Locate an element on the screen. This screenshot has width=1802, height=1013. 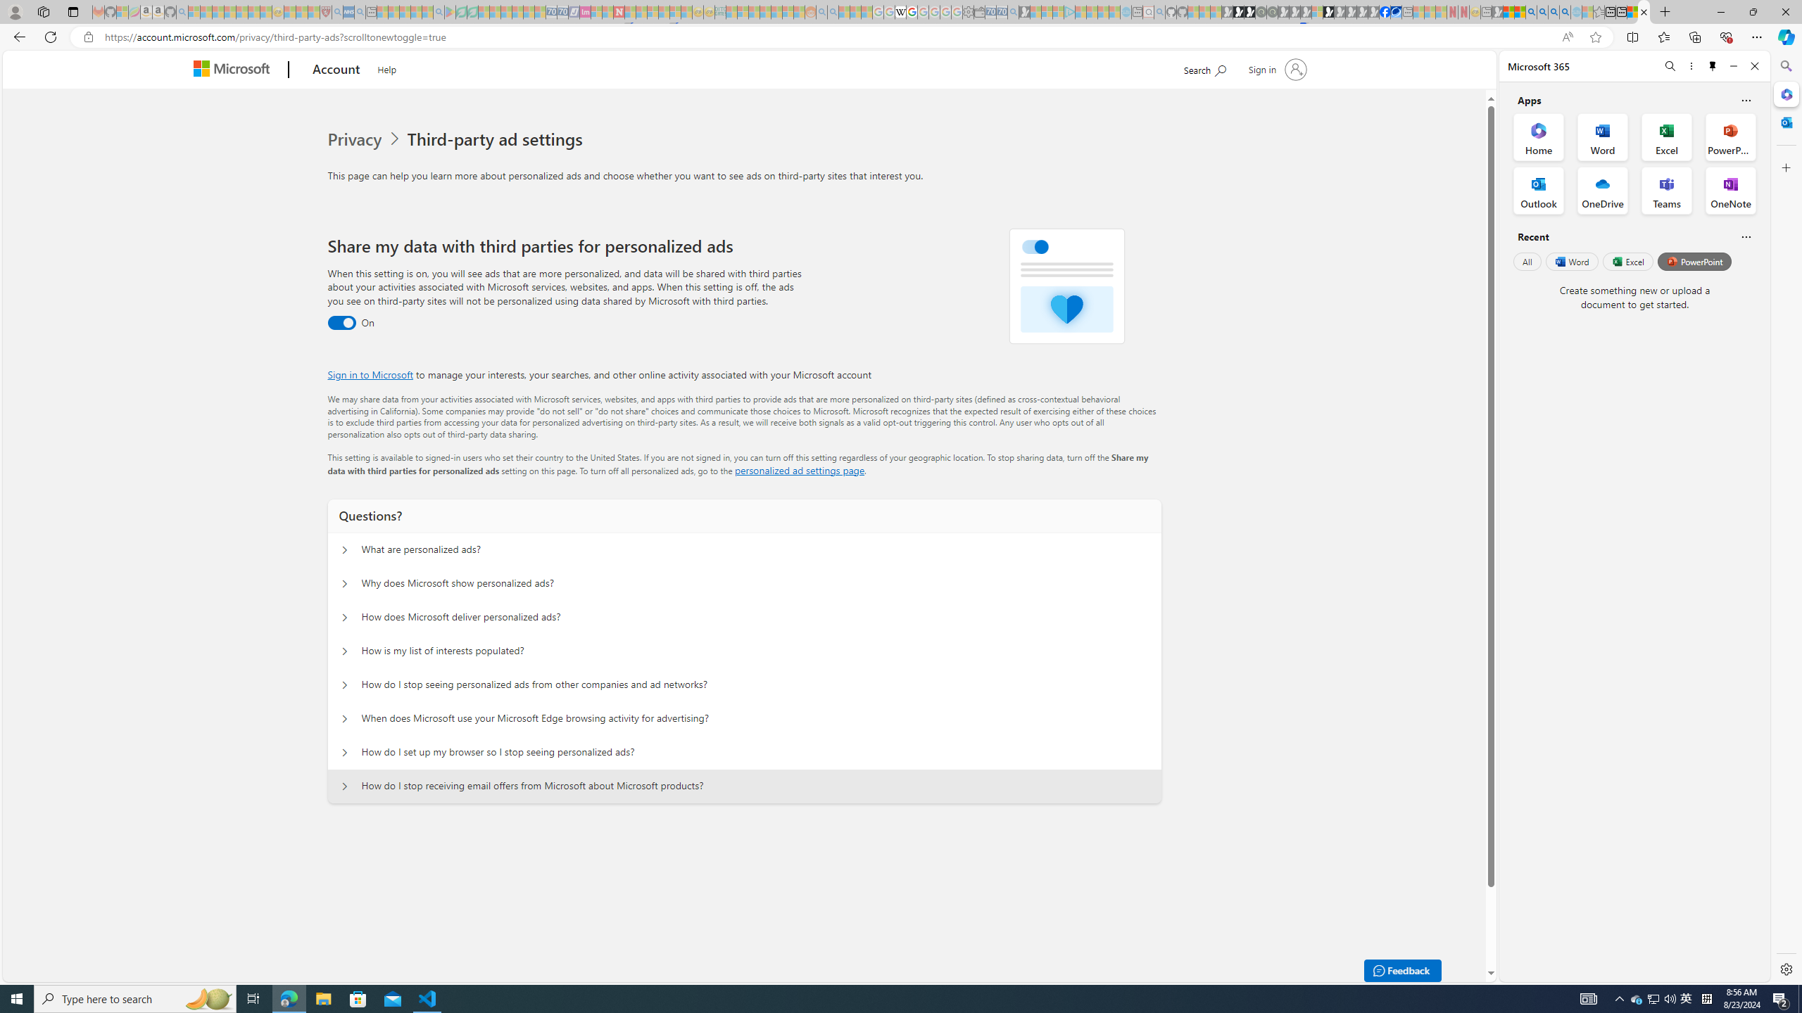
'Word' is located at coordinates (1570, 261).